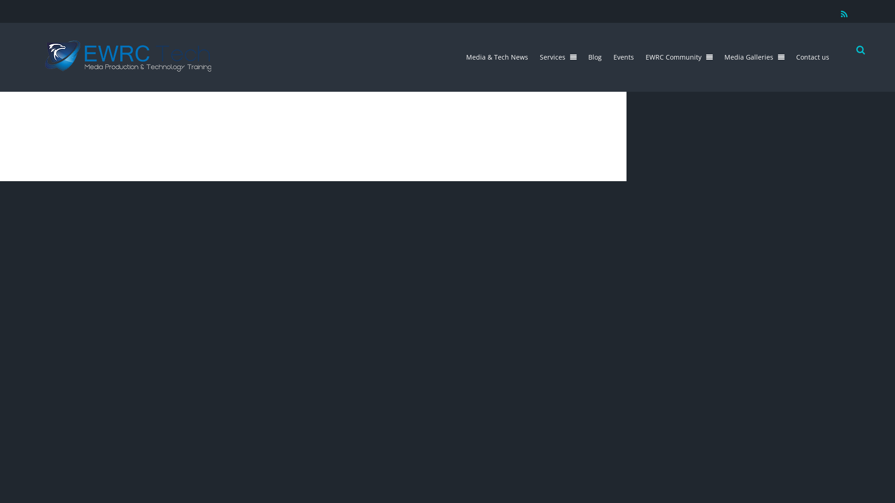 Image resolution: width=895 pixels, height=503 pixels. What do you see at coordinates (812, 57) in the screenshot?
I see `'Contact us'` at bounding box center [812, 57].